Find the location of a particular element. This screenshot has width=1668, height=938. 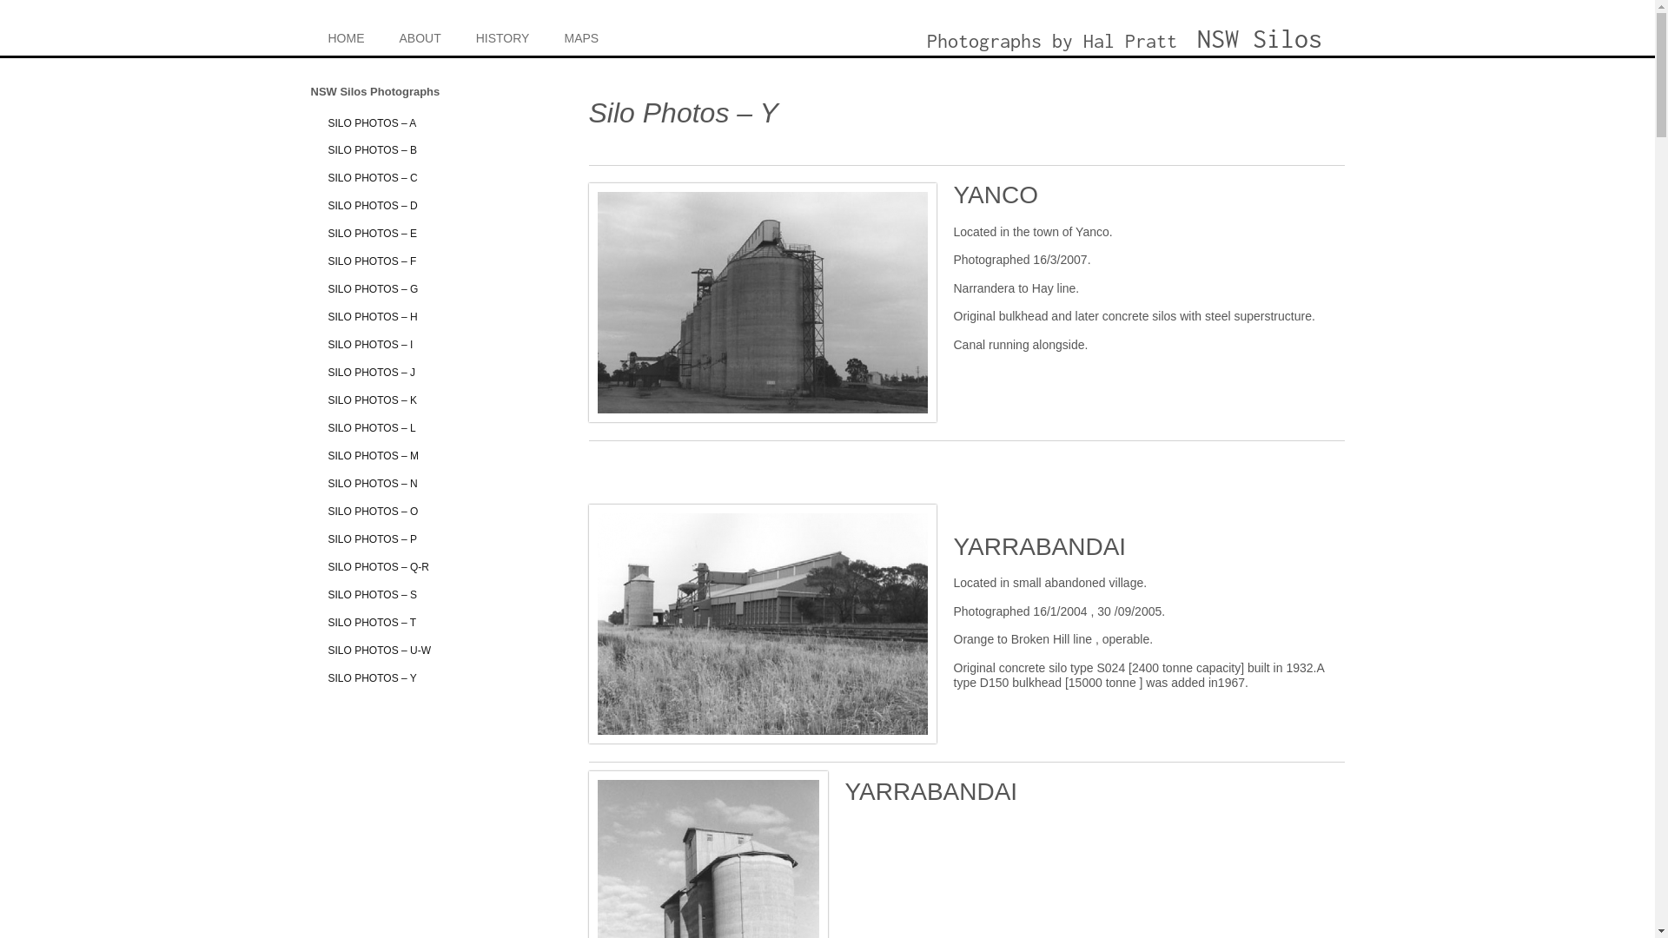

'MAPS' is located at coordinates (580, 36).